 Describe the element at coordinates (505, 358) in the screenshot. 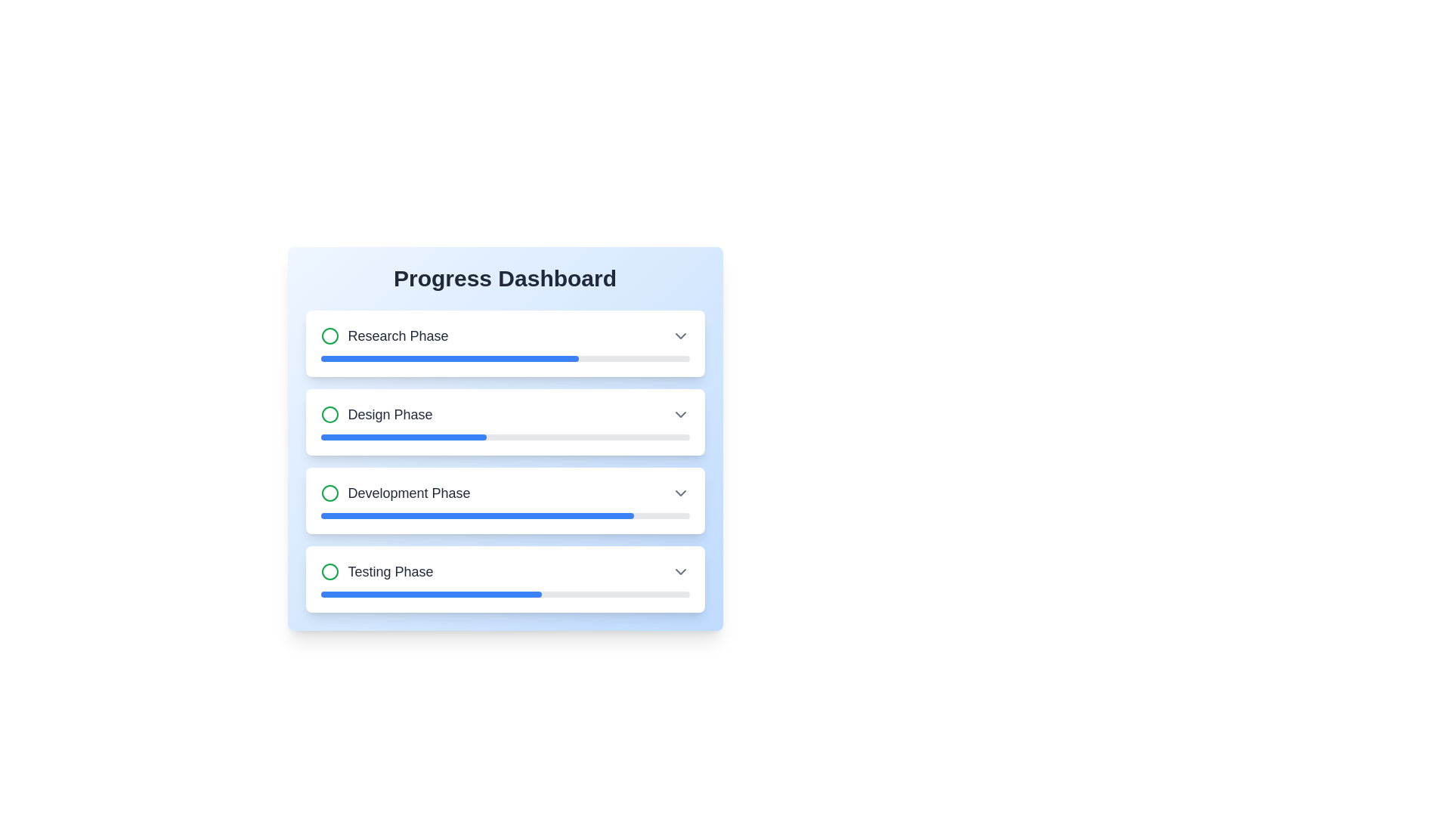

I see `the Progress Indicator that visually represents 70% completion of the 'Research Phase' task, located in the topmost section of the 'Progress Dashboard' interface` at that location.